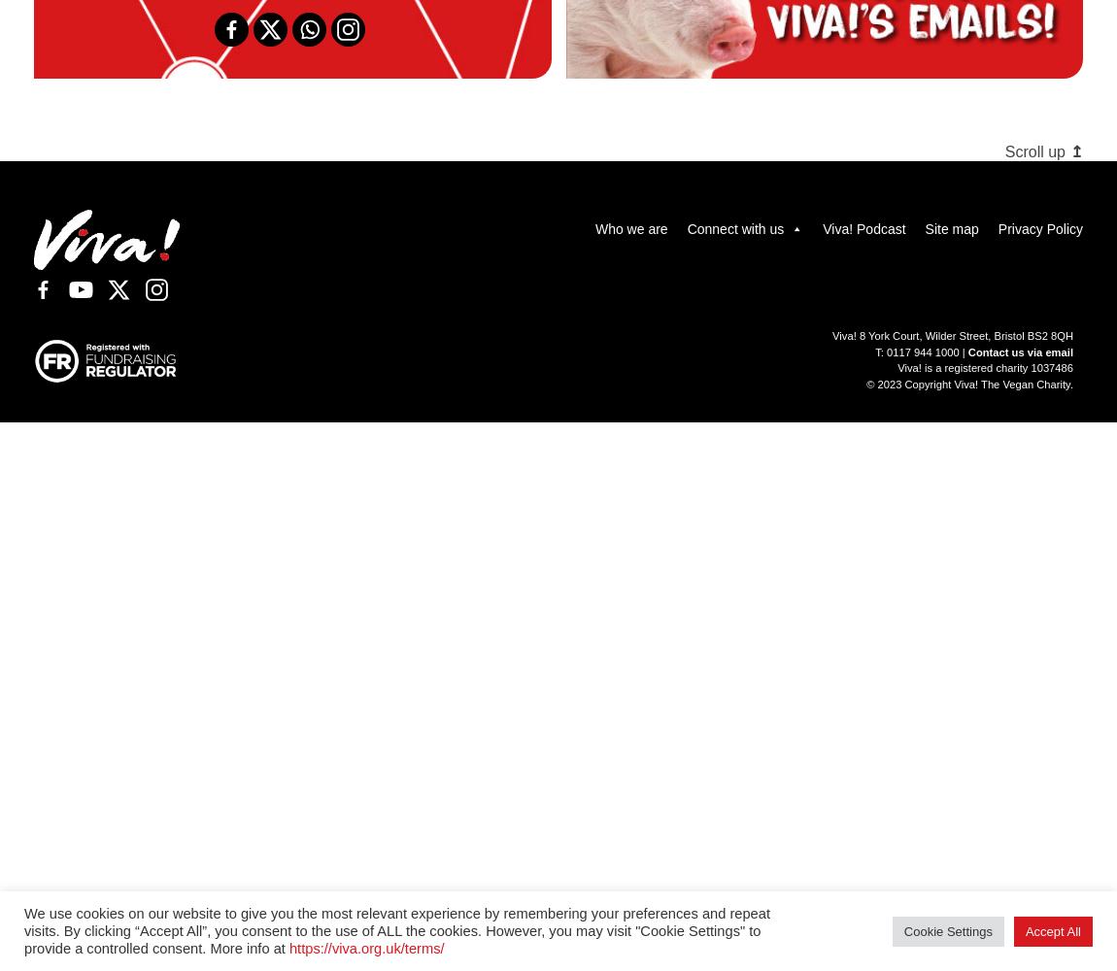  Describe the element at coordinates (830, 334) in the screenshot. I see `'Viva! 8 York Court, Wilder Street, Bristol BS2 8QH'` at that location.